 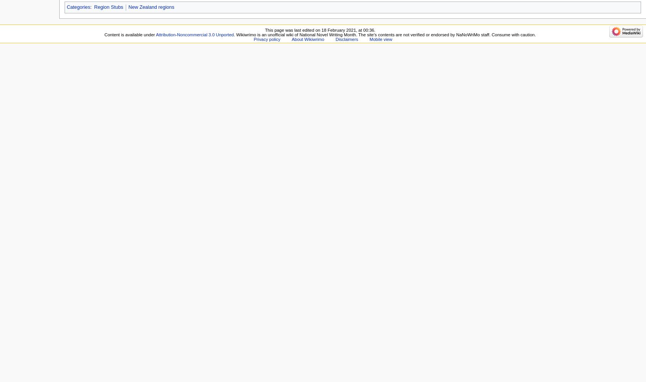 I want to click on 'New Zealand regions', so click(x=151, y=7).